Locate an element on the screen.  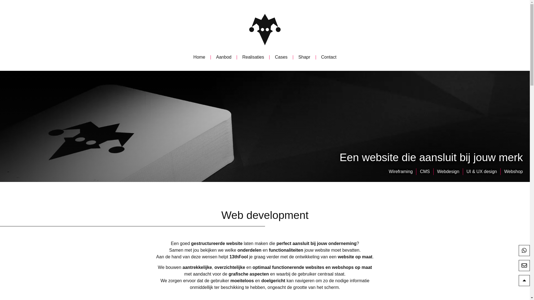
'Home' is located at coordinates (199, 57).